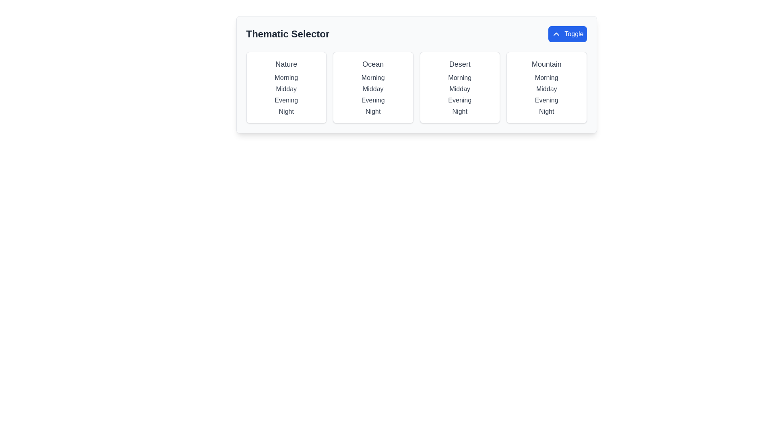 Image resolution: width=773 pixels, height=434 pixels. I want to click on time-of-day labels in the Text Group located beneath the 'Ocean' label in the second column of the grid, so click(372, 94).